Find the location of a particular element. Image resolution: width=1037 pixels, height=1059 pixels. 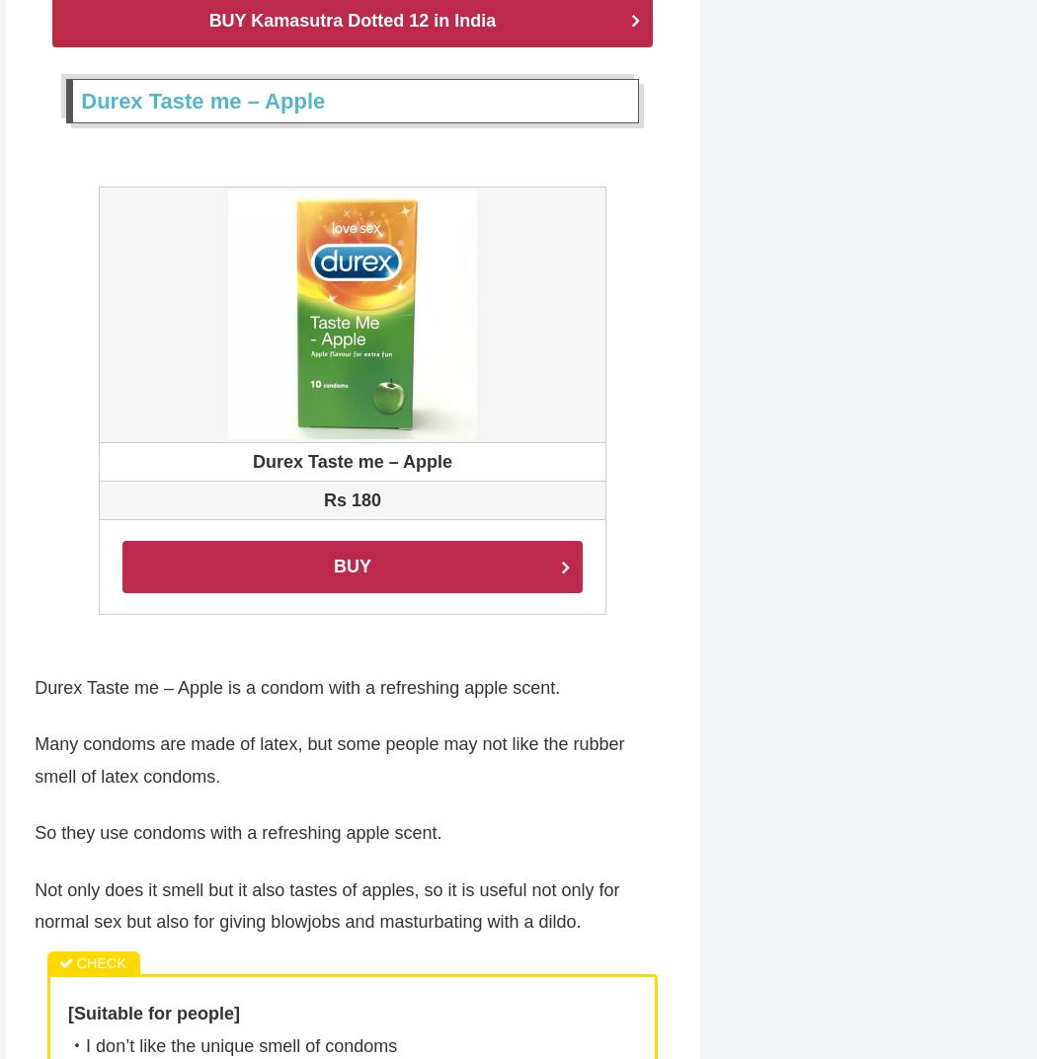

'BUY' is located at coordinates (351, 567).